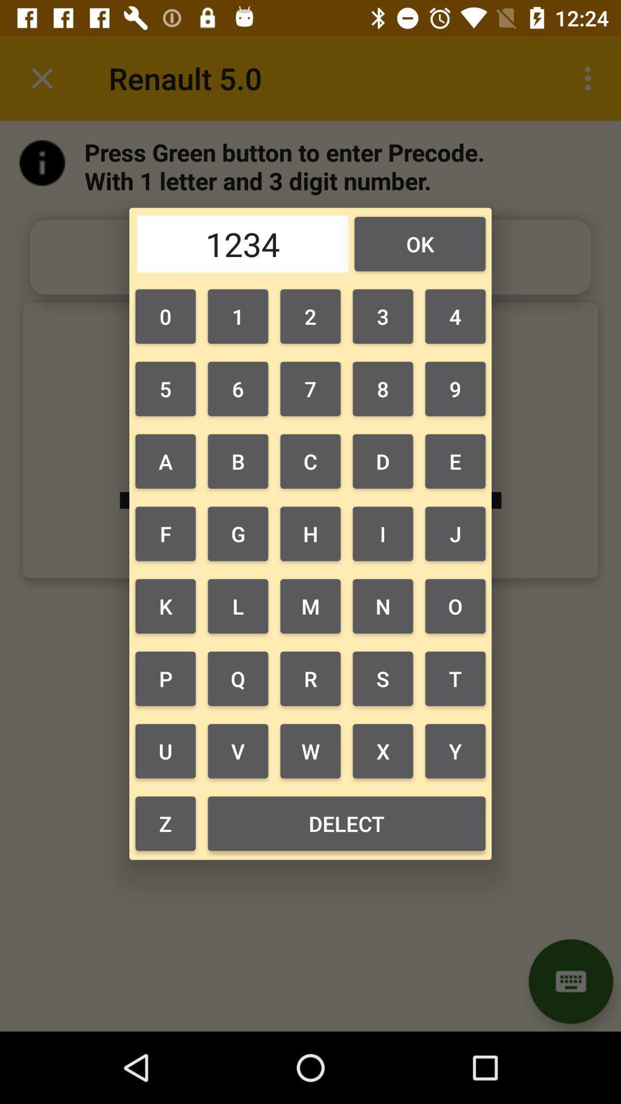  I want to click on icon next to the g icon, so click(166, 605).